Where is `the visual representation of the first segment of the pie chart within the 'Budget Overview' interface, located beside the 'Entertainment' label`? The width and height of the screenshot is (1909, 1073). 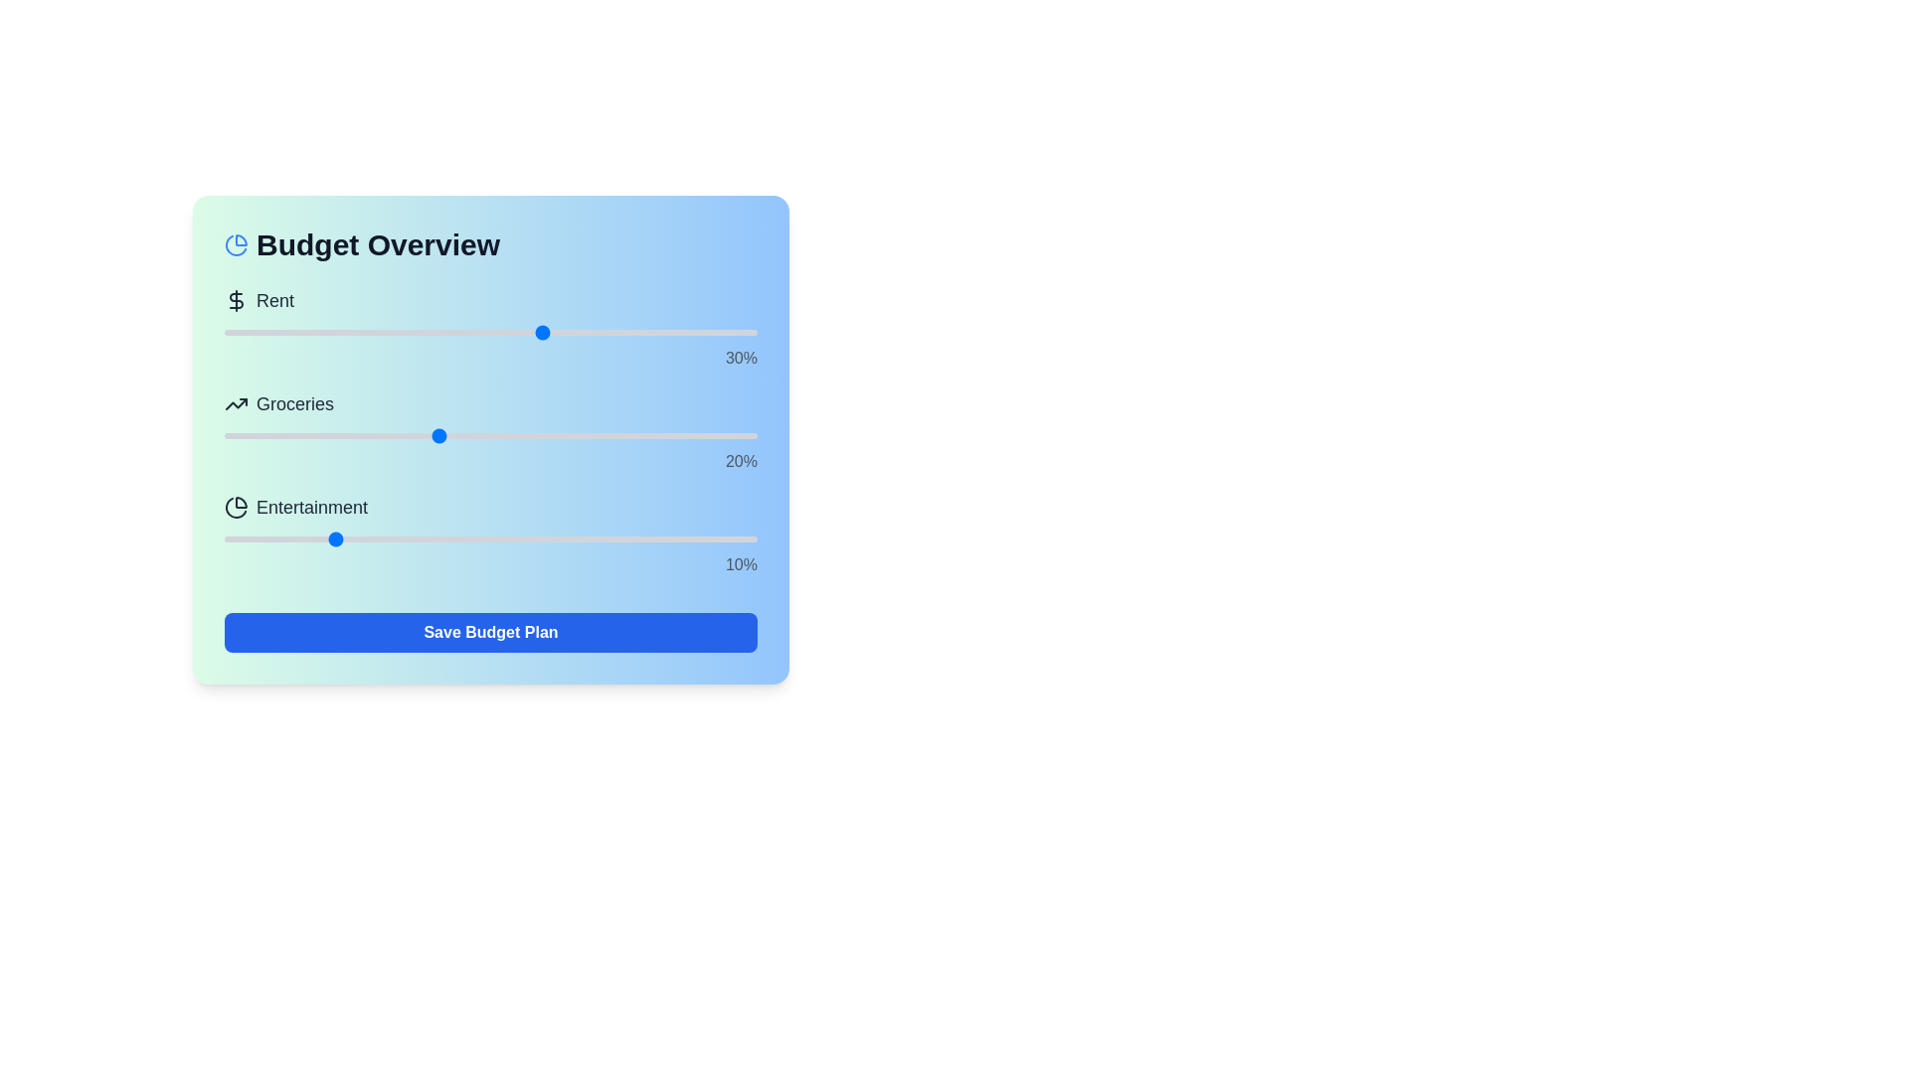 the visual representation of the first segment of the pie chart within the 'Budget Overview' interface, located beside the 'Entertainment' label is located at coordinates (241, 501).